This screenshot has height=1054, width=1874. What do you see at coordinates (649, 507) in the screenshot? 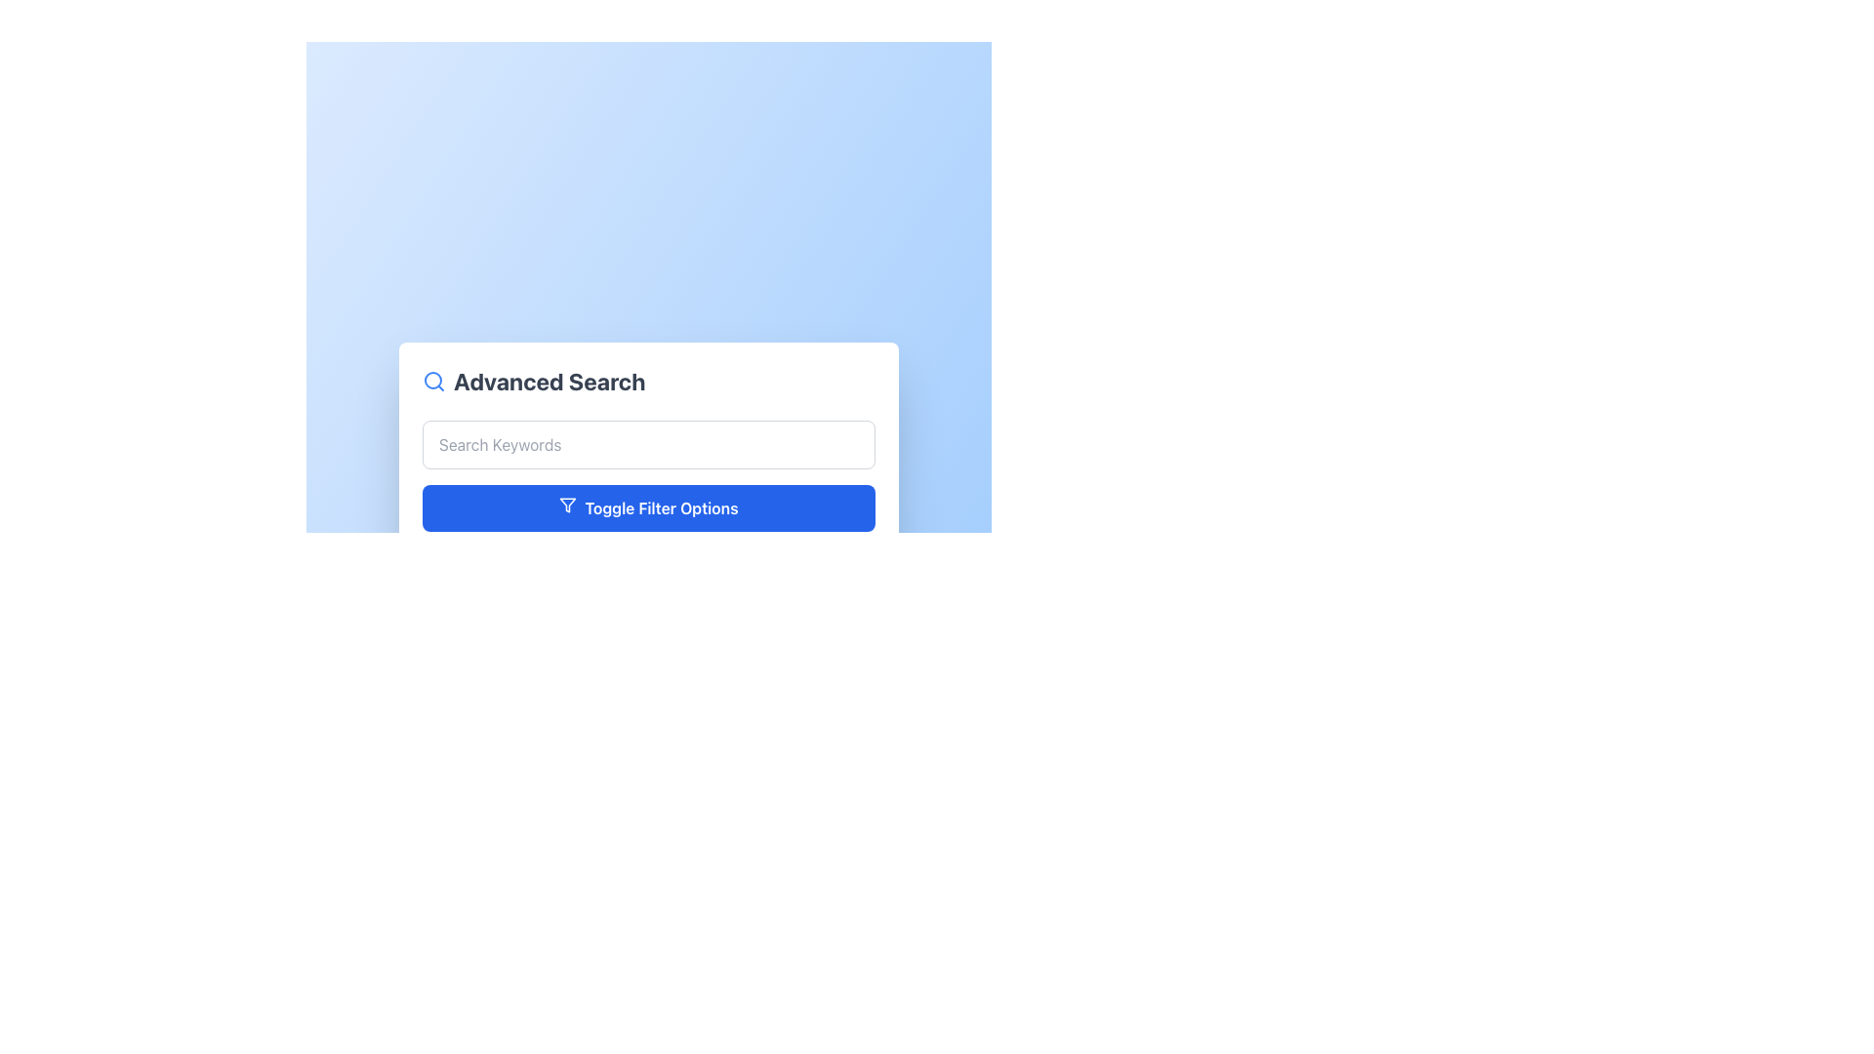
I see `filter options toggle button located below the keyword input field in the search interface for accessibility features` at bounding box center [649, 507].